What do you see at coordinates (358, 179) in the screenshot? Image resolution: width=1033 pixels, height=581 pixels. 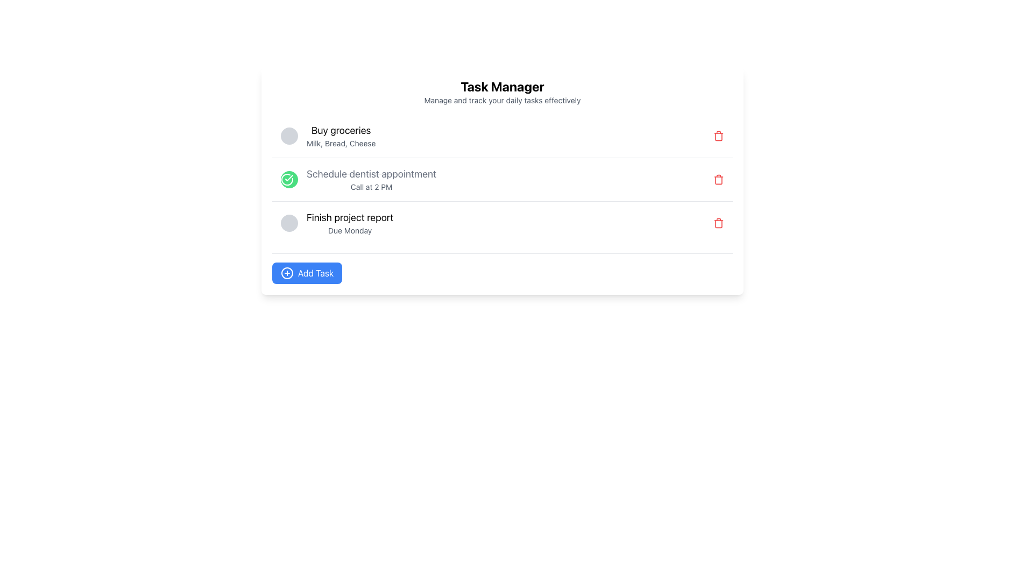 I see `the checkmark icon of the second task item in the task management application` at bounding box center [358, 179].